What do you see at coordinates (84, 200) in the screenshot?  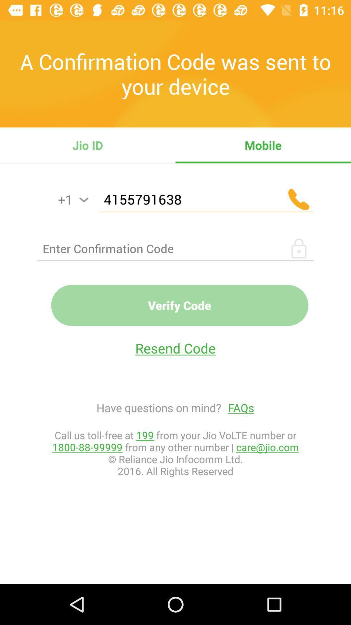 I see `the icon to the left of 4155791638` at bounding box center [84, 200].